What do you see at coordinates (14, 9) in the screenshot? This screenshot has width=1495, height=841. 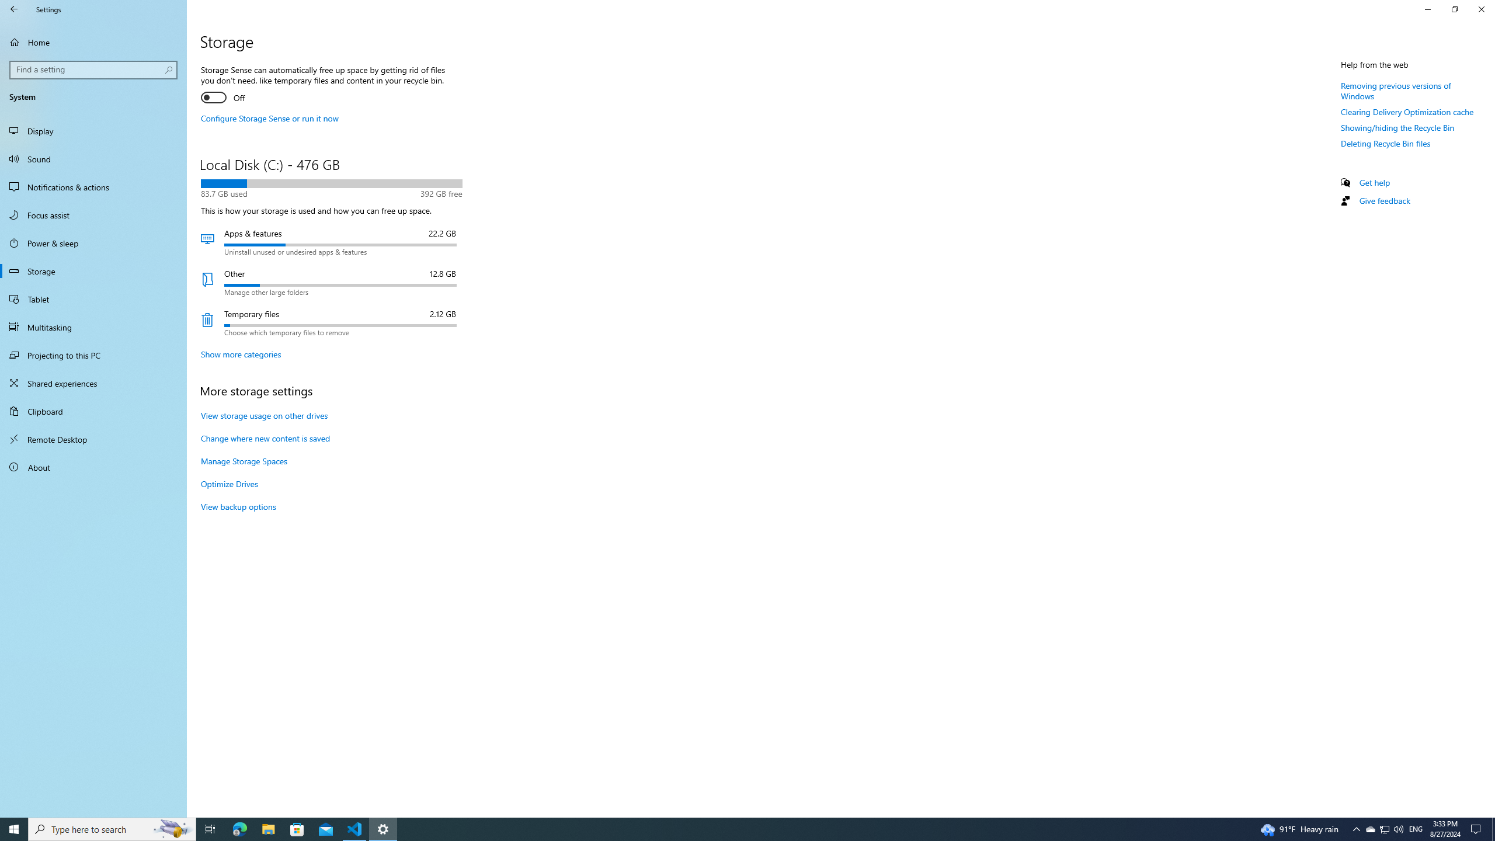 I see `'Back'` at bounding box center [14, 9].